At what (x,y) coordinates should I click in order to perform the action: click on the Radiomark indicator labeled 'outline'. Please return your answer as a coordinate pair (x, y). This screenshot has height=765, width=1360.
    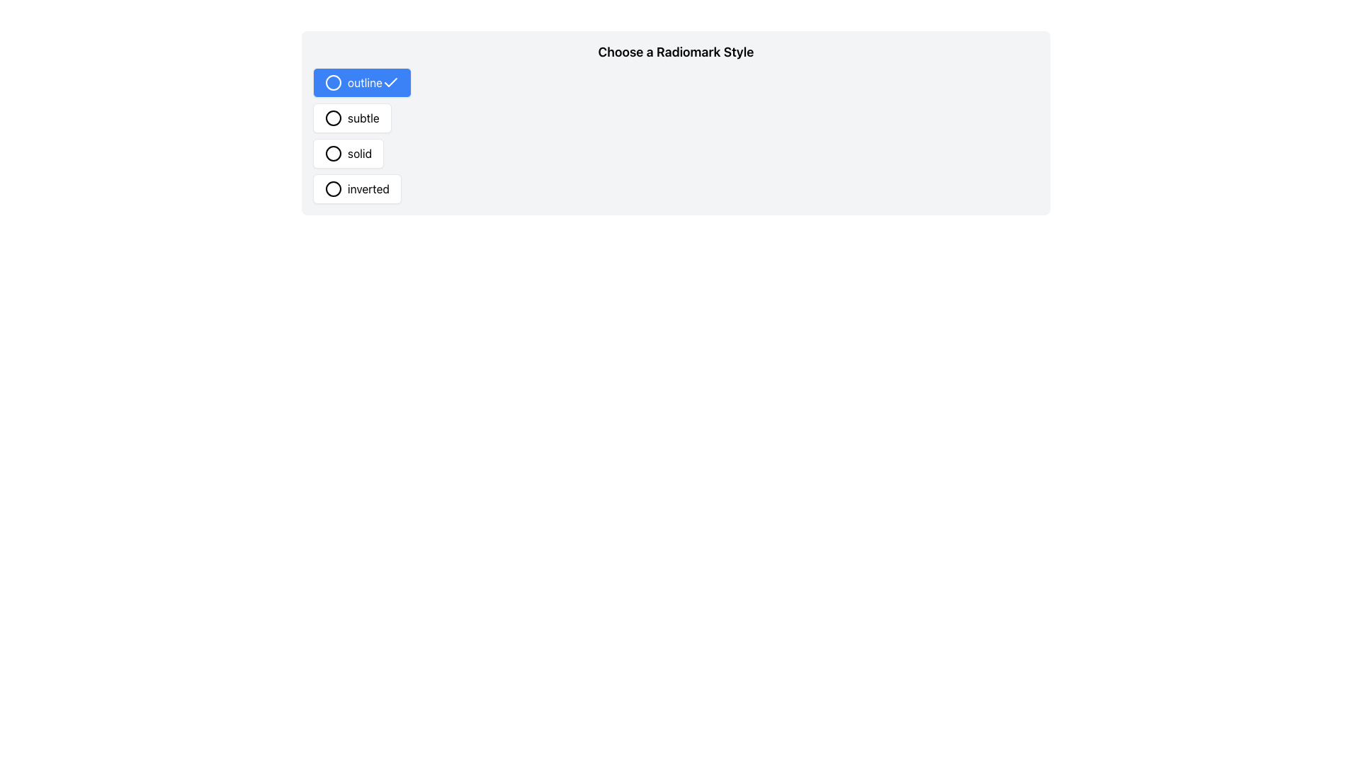
    Looking at the image, I should click on (332, 82).